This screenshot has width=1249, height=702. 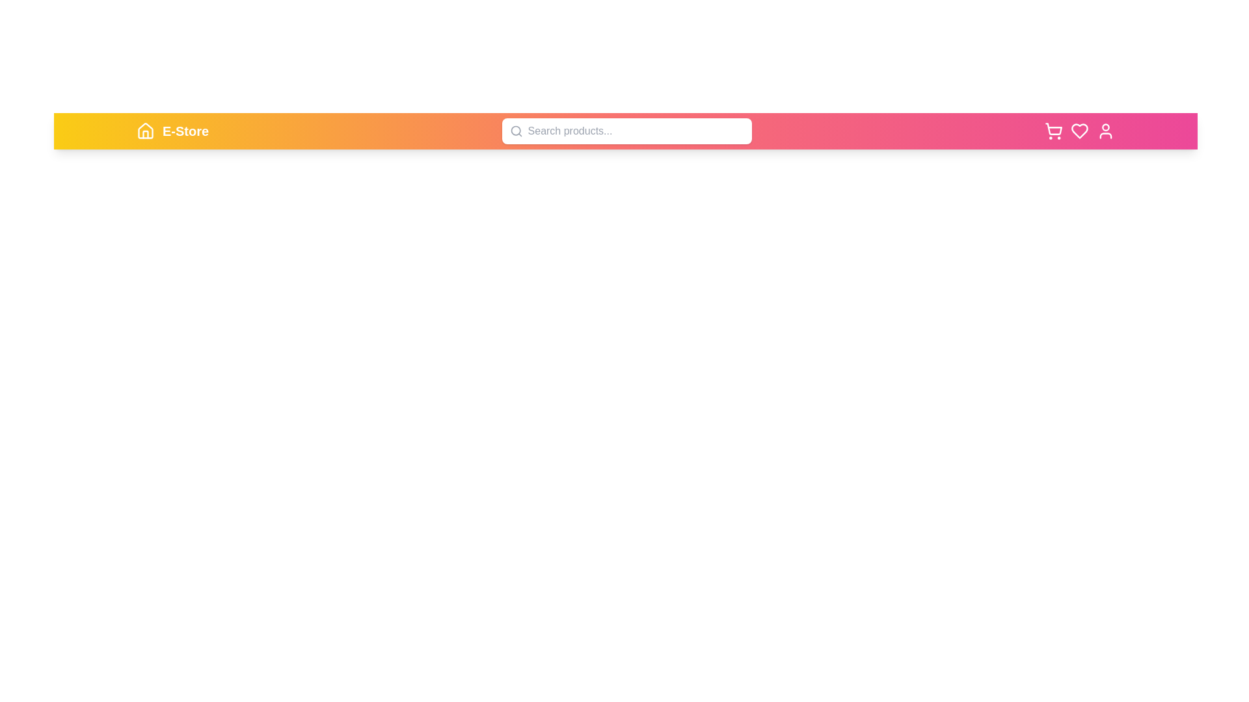 I want to click on the home icon to see the hover effect, so click(x=146, y=131).